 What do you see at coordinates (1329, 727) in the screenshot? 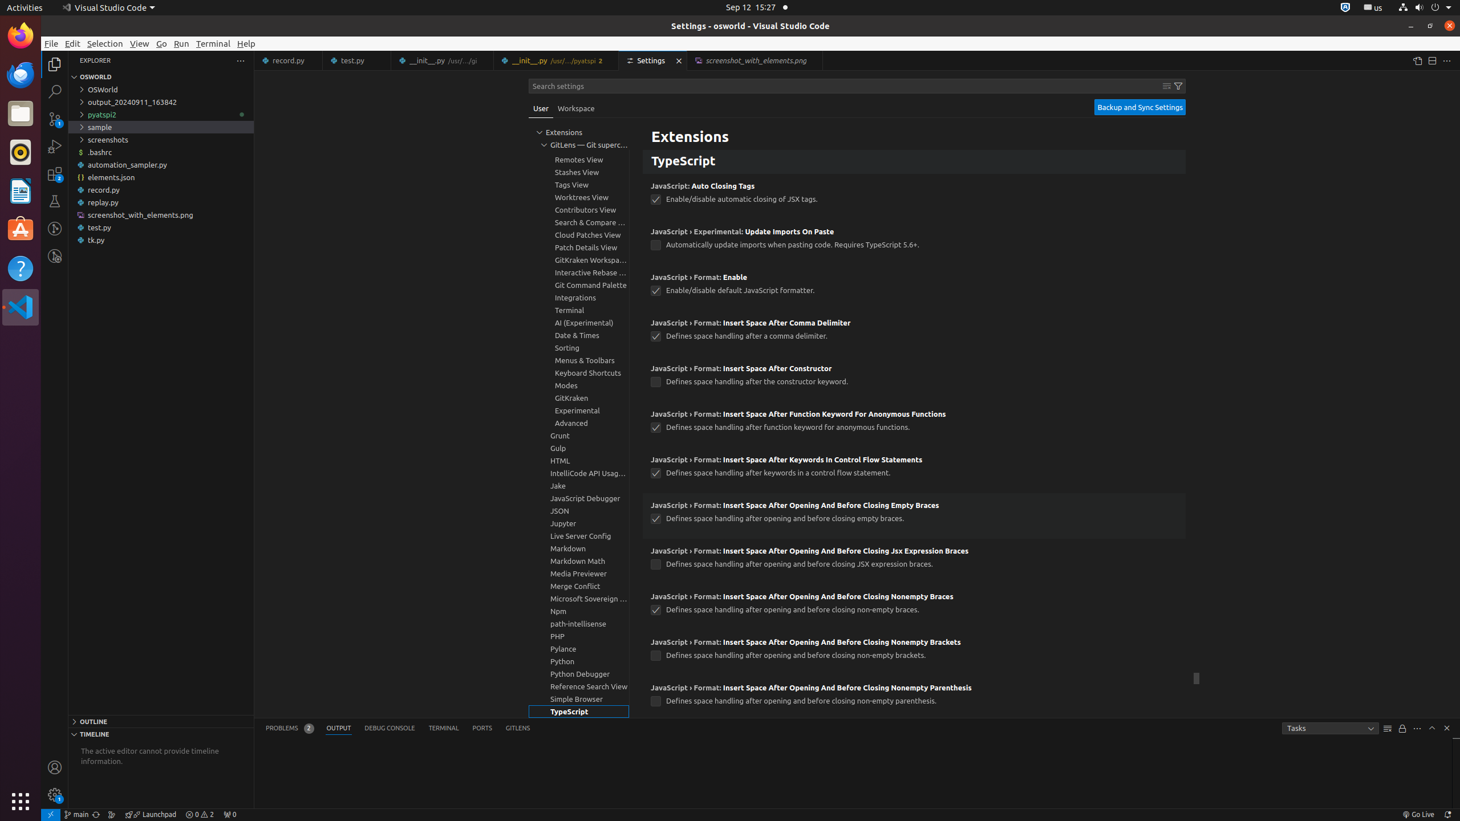
I see `'Tasks'` at bounding box center [1329, 727].